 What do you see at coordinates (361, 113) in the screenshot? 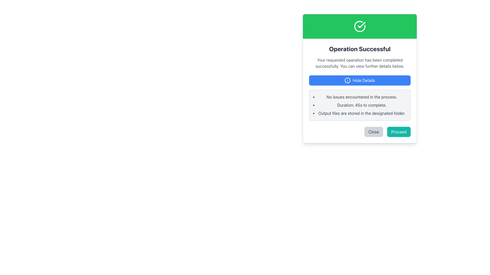
I see `informational static text that indicates where the output files are stored, which is the last item in a bulleted list within a modal window` at bounding box center [361, 113].